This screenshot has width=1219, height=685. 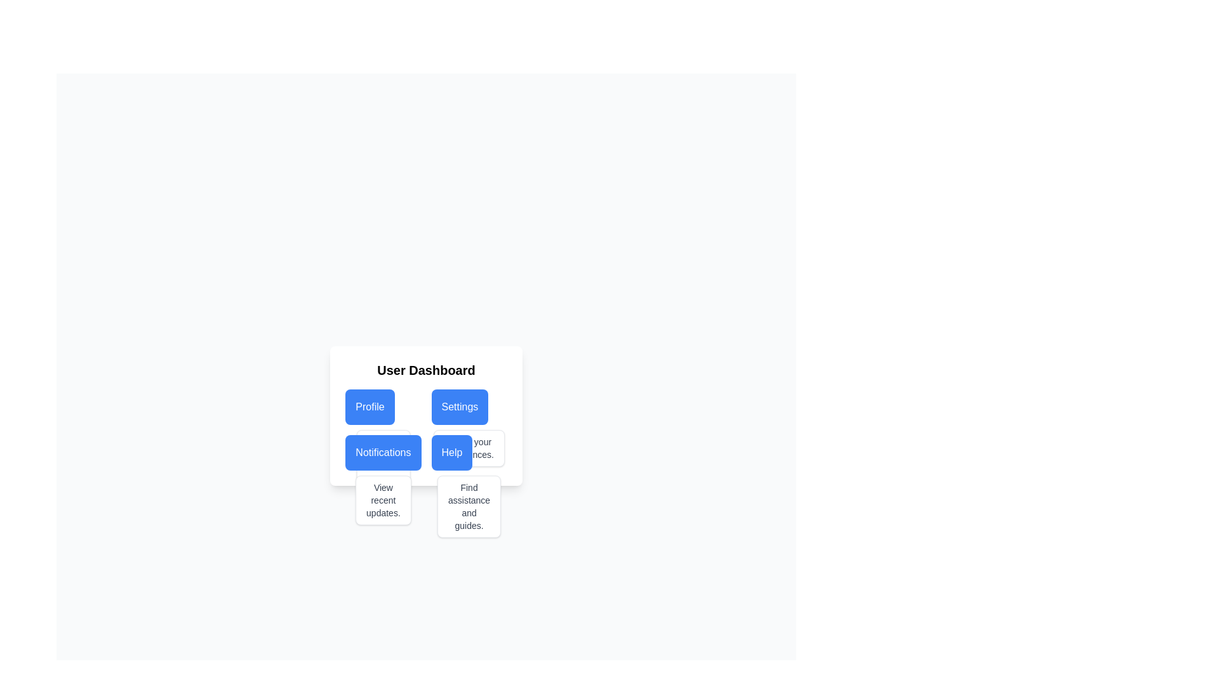 I want to click on the blue rectangular button in the grid layout located within the User Dashboard, so click(x=426, y=429).